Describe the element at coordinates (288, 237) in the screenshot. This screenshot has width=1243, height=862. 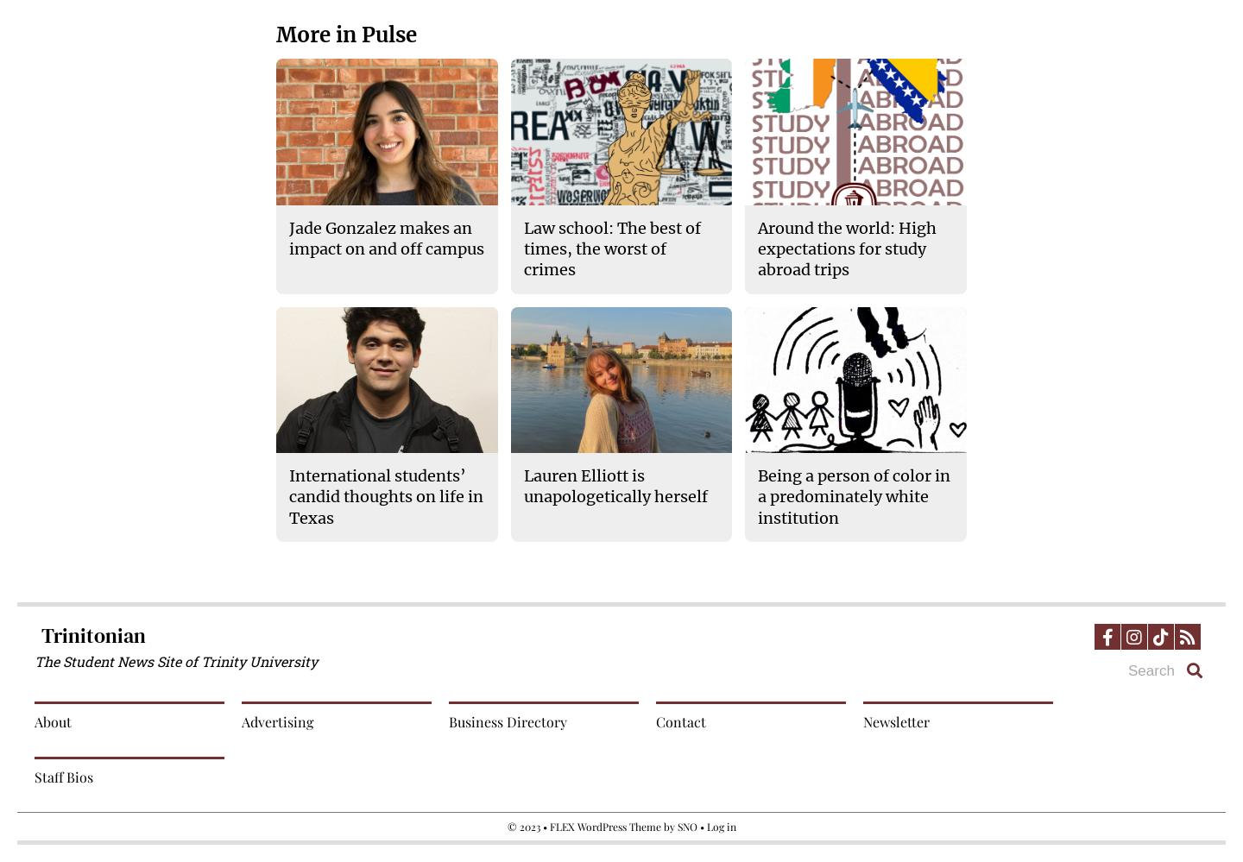
I see `'Jade Gonzalez makes an impact on and off campus'` at that location.